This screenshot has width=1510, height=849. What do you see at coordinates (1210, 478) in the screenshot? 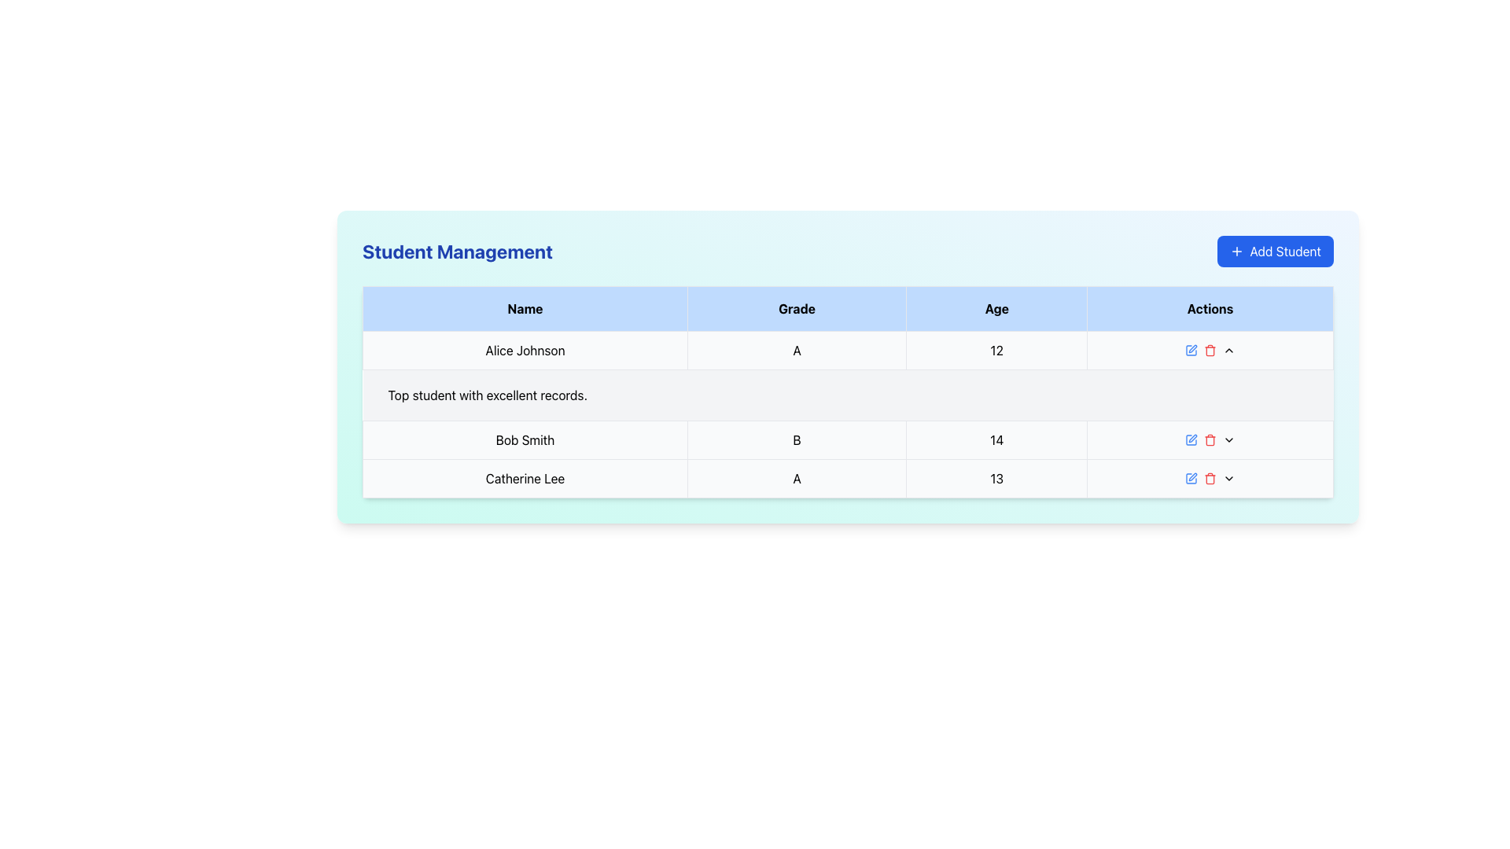
I see `the dropdown arrow in the Action Menu for the student 'Catherine Lee', which is represented by a black icon in the Actions column of the table` at bounding box center [1210, 478].